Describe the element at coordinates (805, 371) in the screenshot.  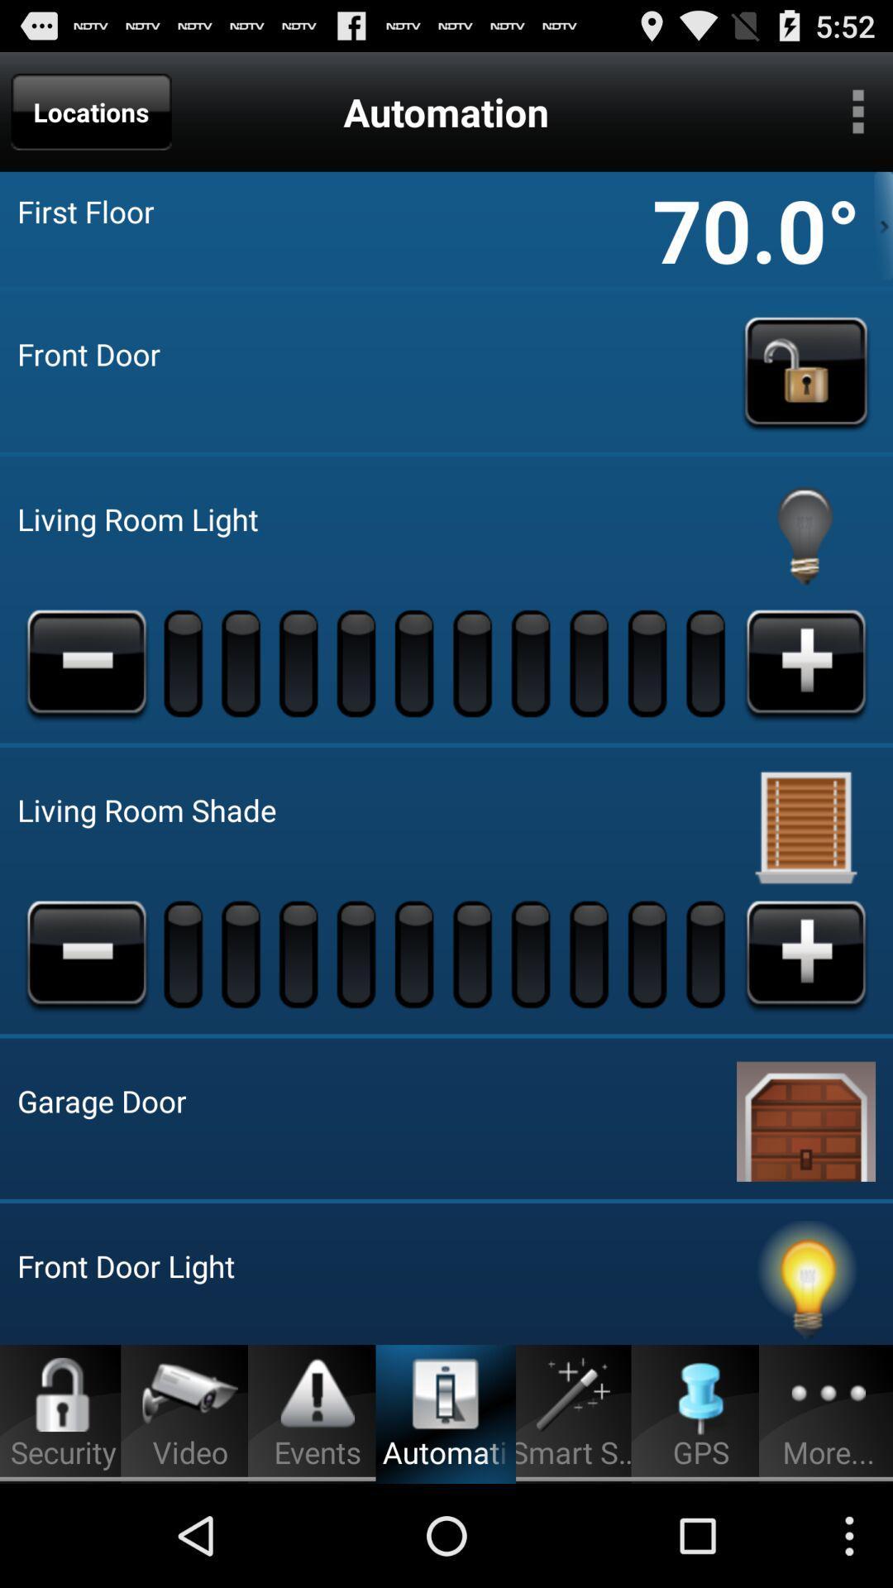
I see `lock front door` at that location.